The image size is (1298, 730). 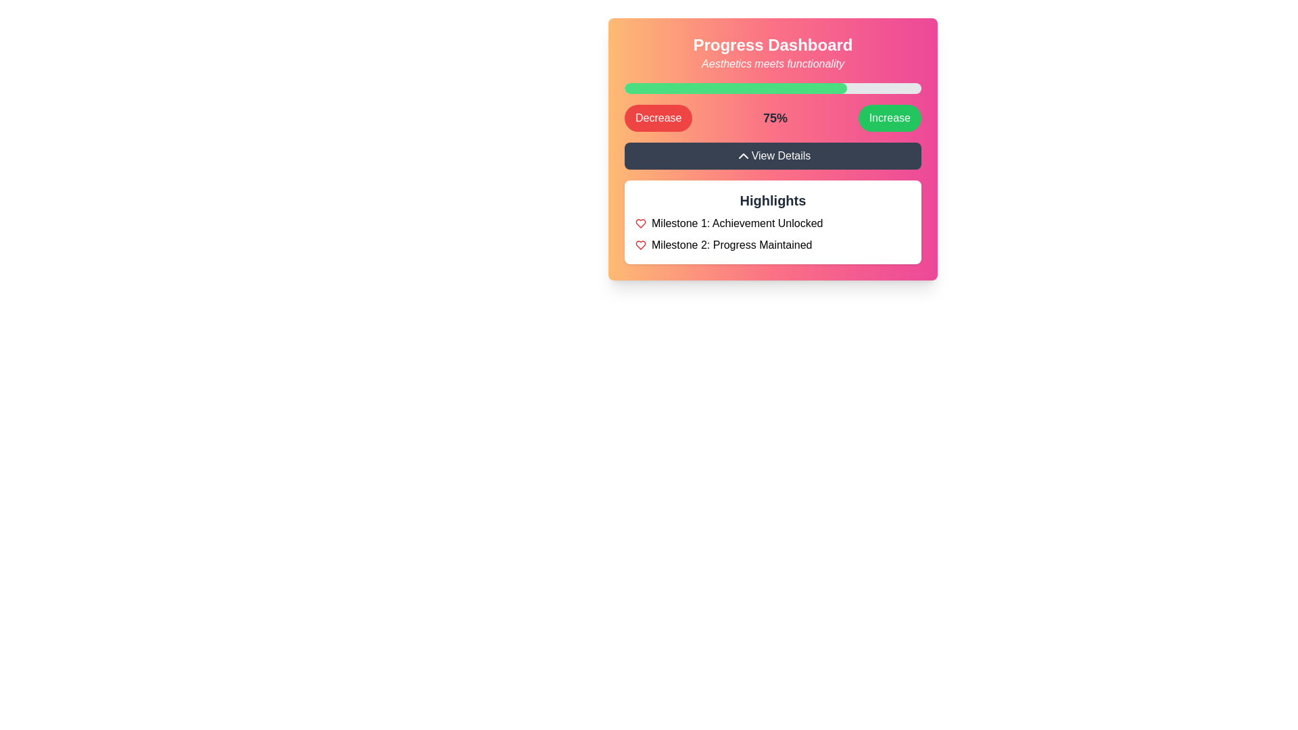 I want to click on the 'Achievement Unlocked' label in the 'Highlights' section of the 'Progress Dashboard' to interact with the milestone, so click(x=773, y=223).